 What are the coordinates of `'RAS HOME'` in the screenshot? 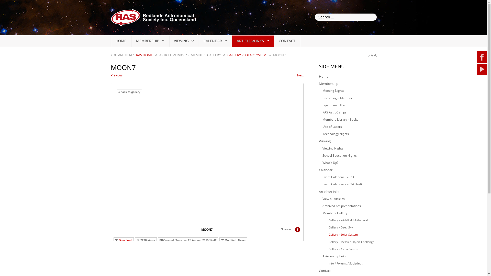 It's located at (144, 55).